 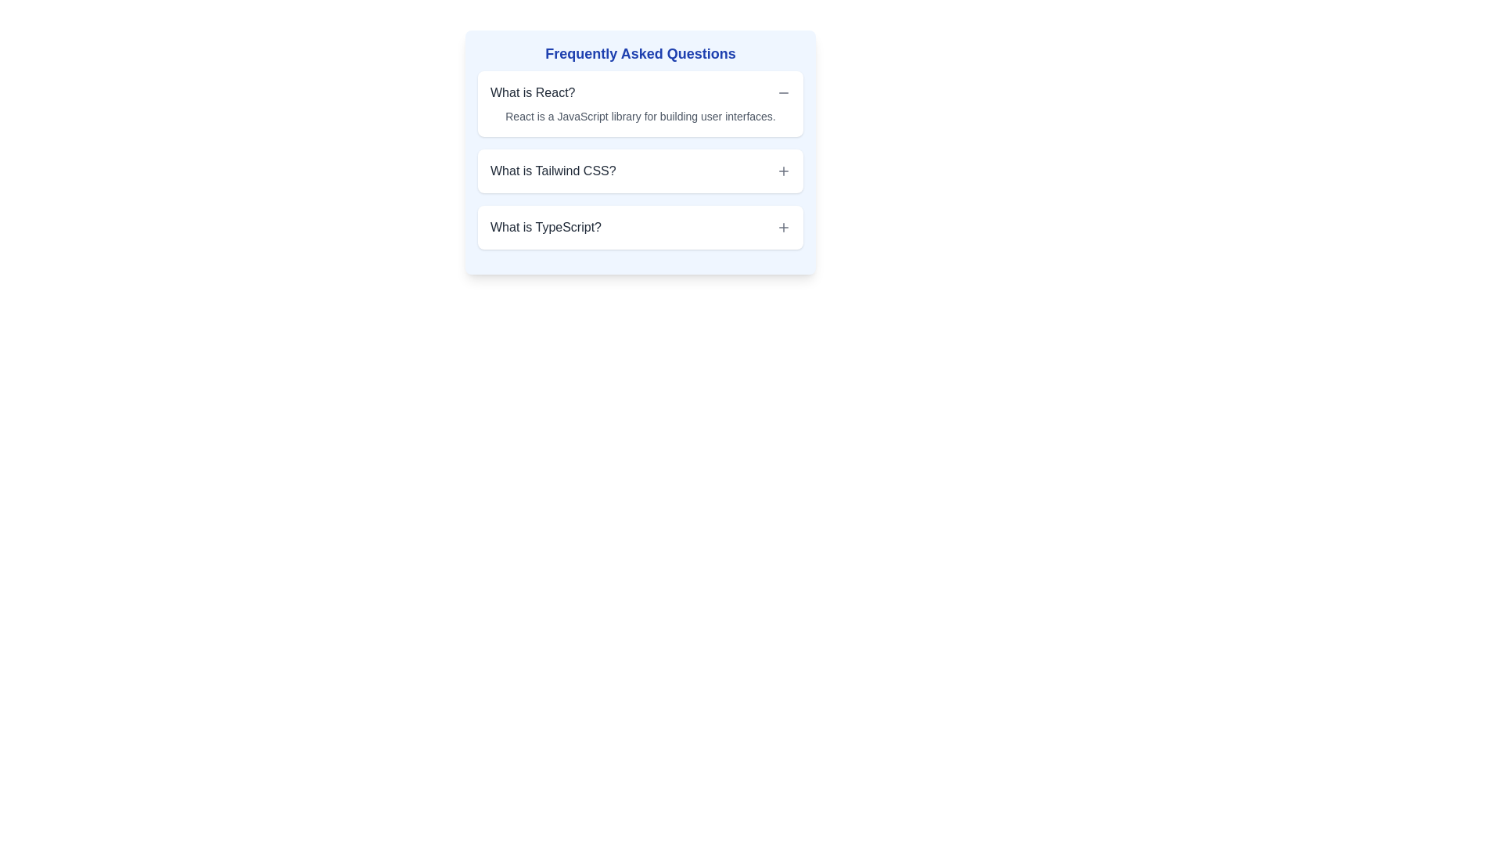 What do you see at coordinates (784, 171) in the screenshot?
I see `the plus icon button, which is a circular grey icon that changes` at bounding box center [784, 171].